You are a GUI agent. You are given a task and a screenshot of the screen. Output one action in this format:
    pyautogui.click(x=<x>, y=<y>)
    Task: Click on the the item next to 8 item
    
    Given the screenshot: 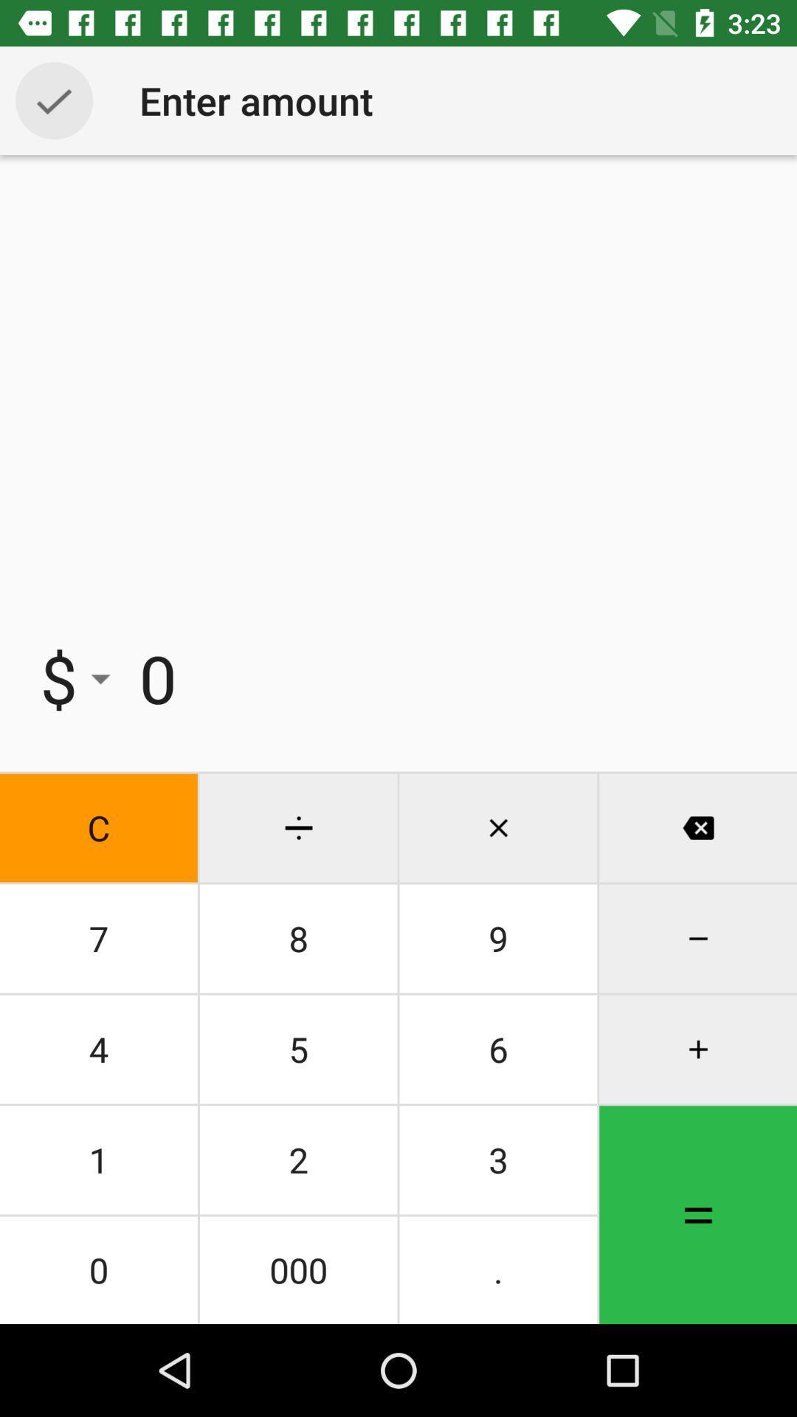 What is the action you would take?
    pyautogui.click(x=498, y=1048)
    